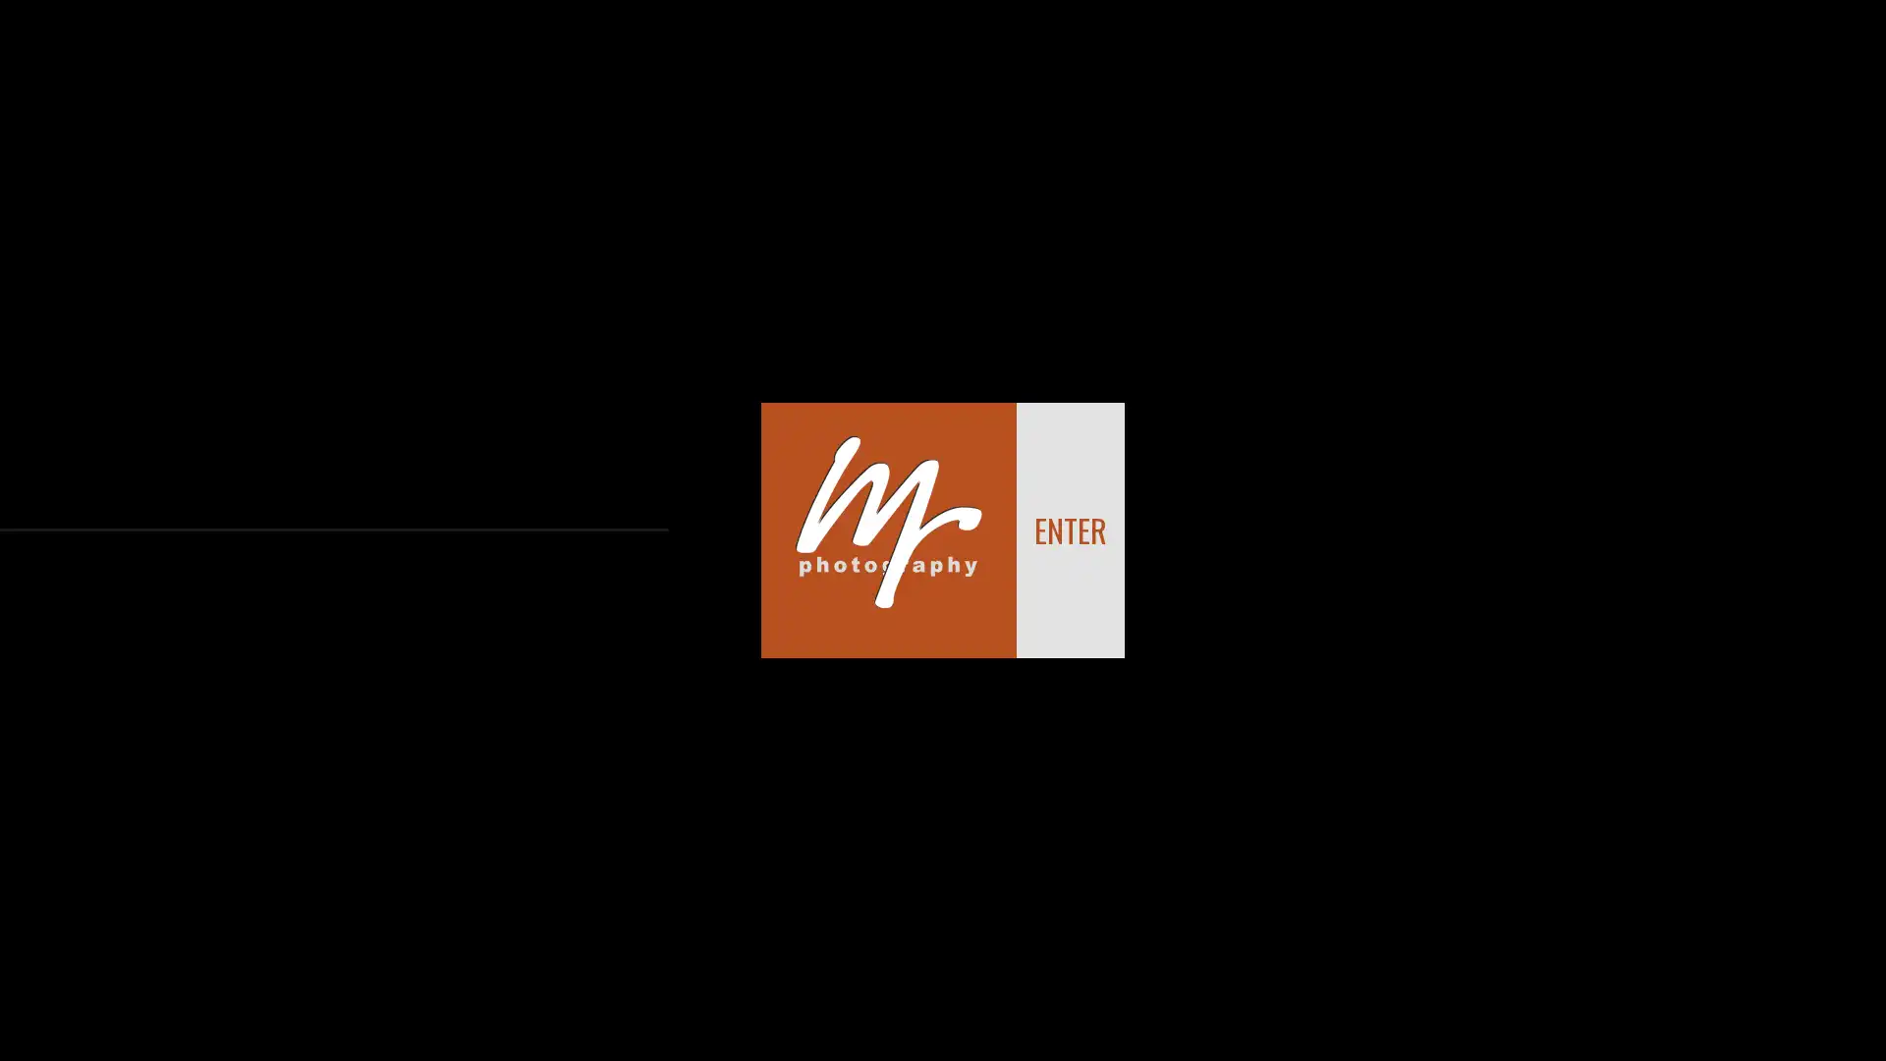  Describe the element at coordinates (698, 358) in the screenshot. I see `Send Message` at that location.